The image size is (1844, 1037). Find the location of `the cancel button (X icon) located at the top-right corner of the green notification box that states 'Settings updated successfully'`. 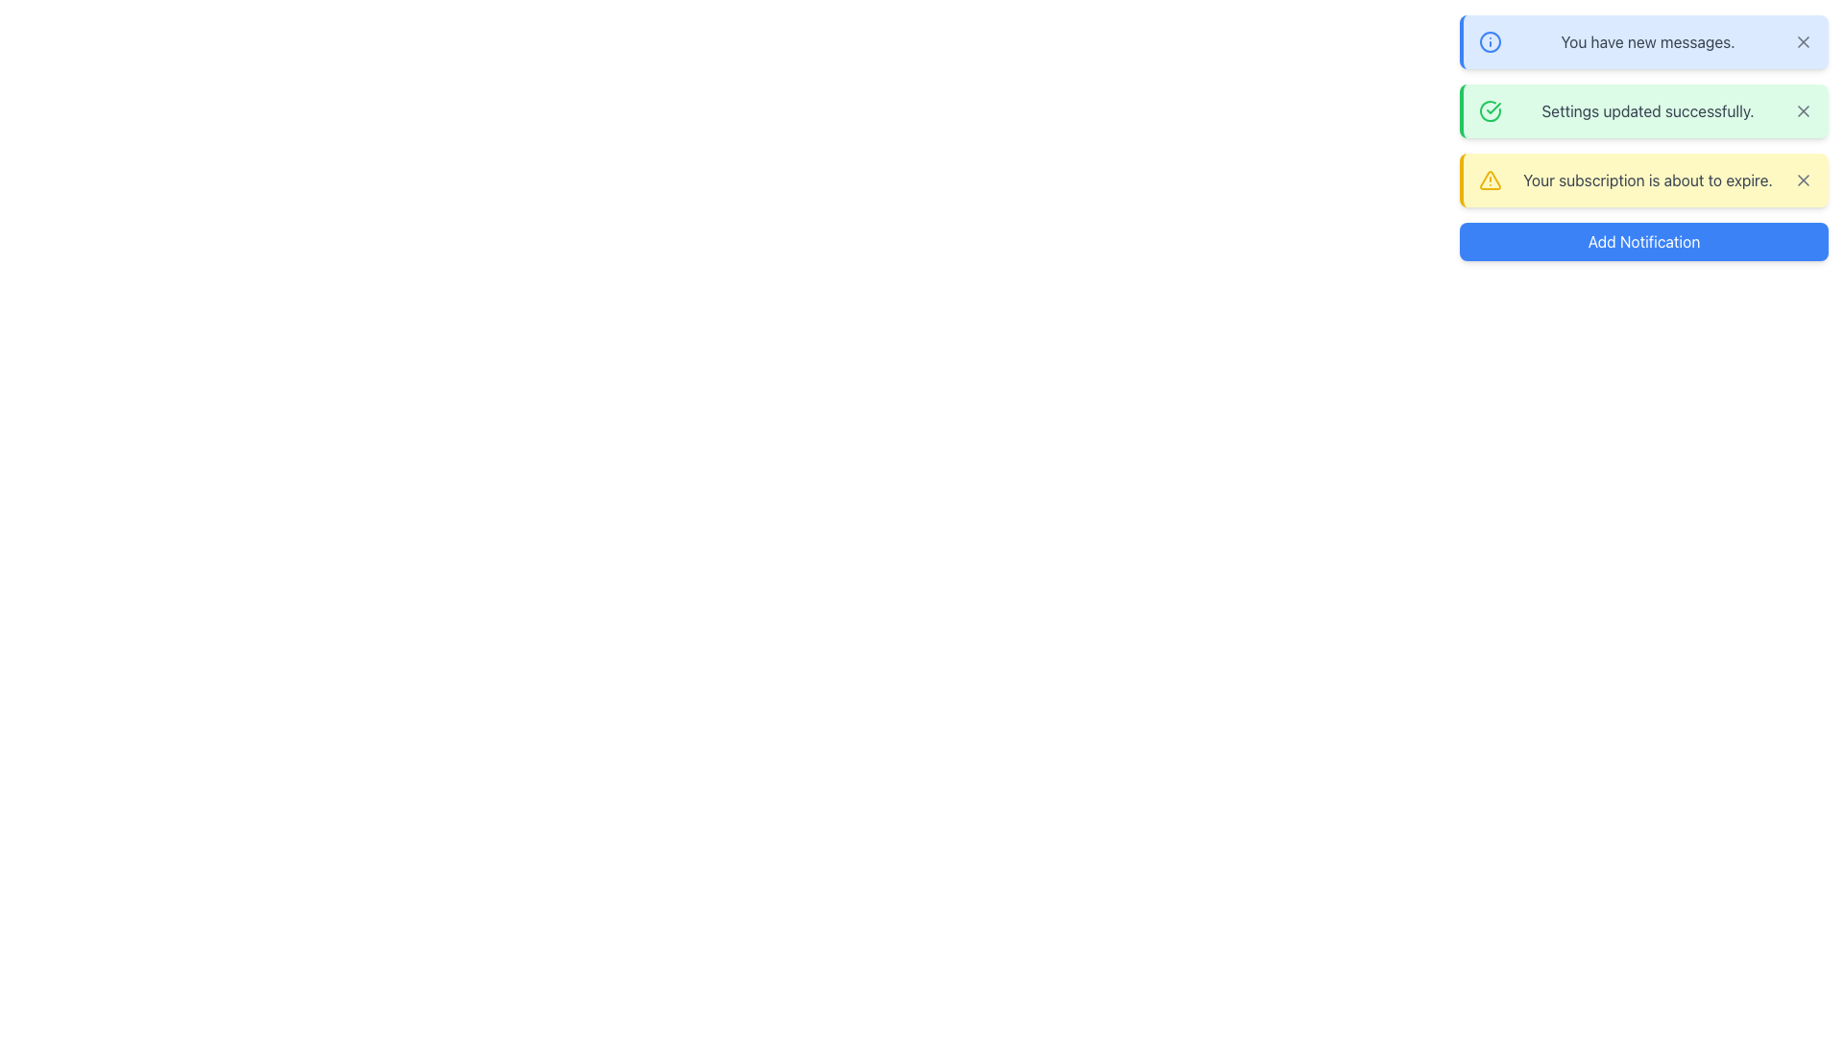

the cancel button (X icon) located at the top-right corner of the green notification box that states 'Settings updated successfully' is located at coordinates (1802, 110).